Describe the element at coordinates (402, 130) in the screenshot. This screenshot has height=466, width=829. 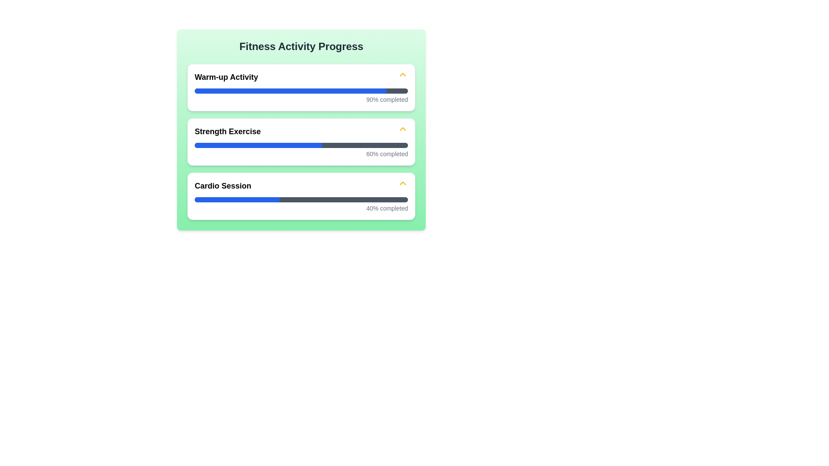
I see `the animation of the upward-pointing chevron icon styled in bold yellow color located adjacent to the 'Strength Exercise' header` at that location.